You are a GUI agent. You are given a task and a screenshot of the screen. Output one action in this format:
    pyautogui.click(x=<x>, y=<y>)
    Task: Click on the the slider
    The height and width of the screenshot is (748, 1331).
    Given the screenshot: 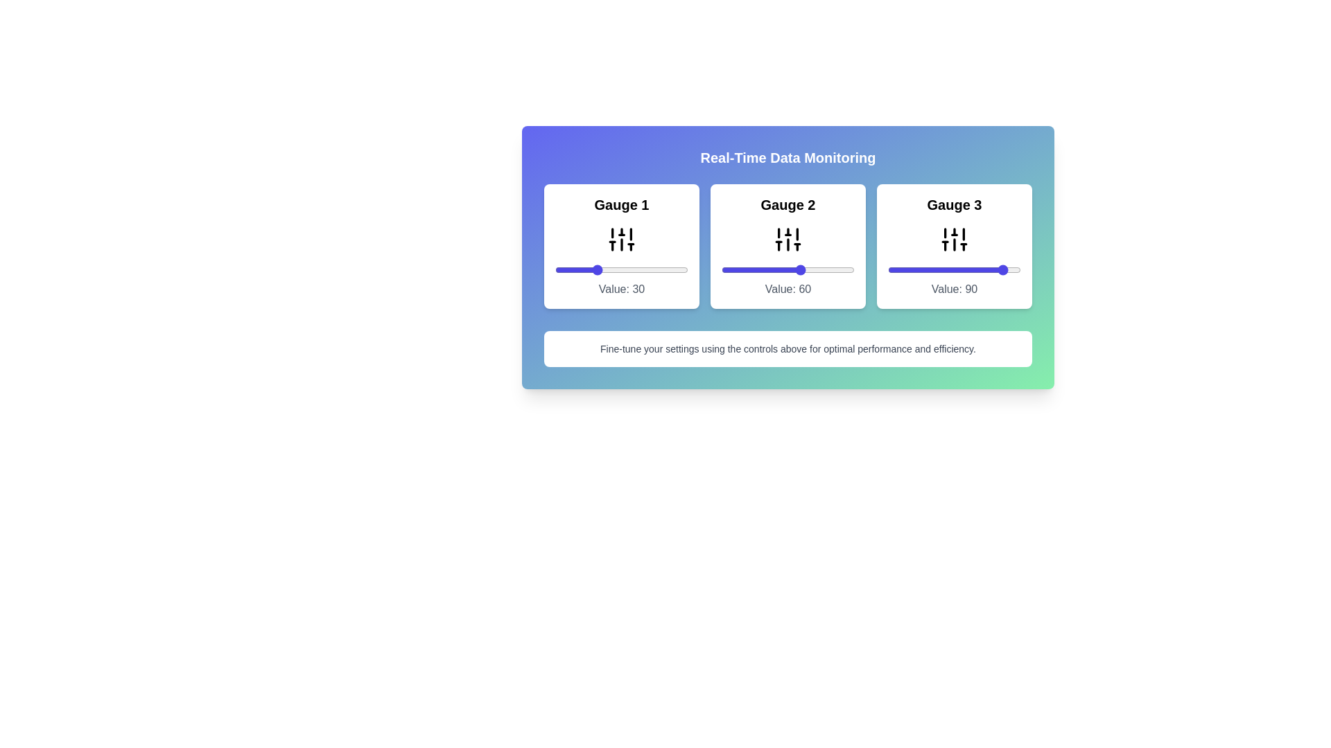 What is the action you would take?
    pyautogui.click(x=730, y=269)
    